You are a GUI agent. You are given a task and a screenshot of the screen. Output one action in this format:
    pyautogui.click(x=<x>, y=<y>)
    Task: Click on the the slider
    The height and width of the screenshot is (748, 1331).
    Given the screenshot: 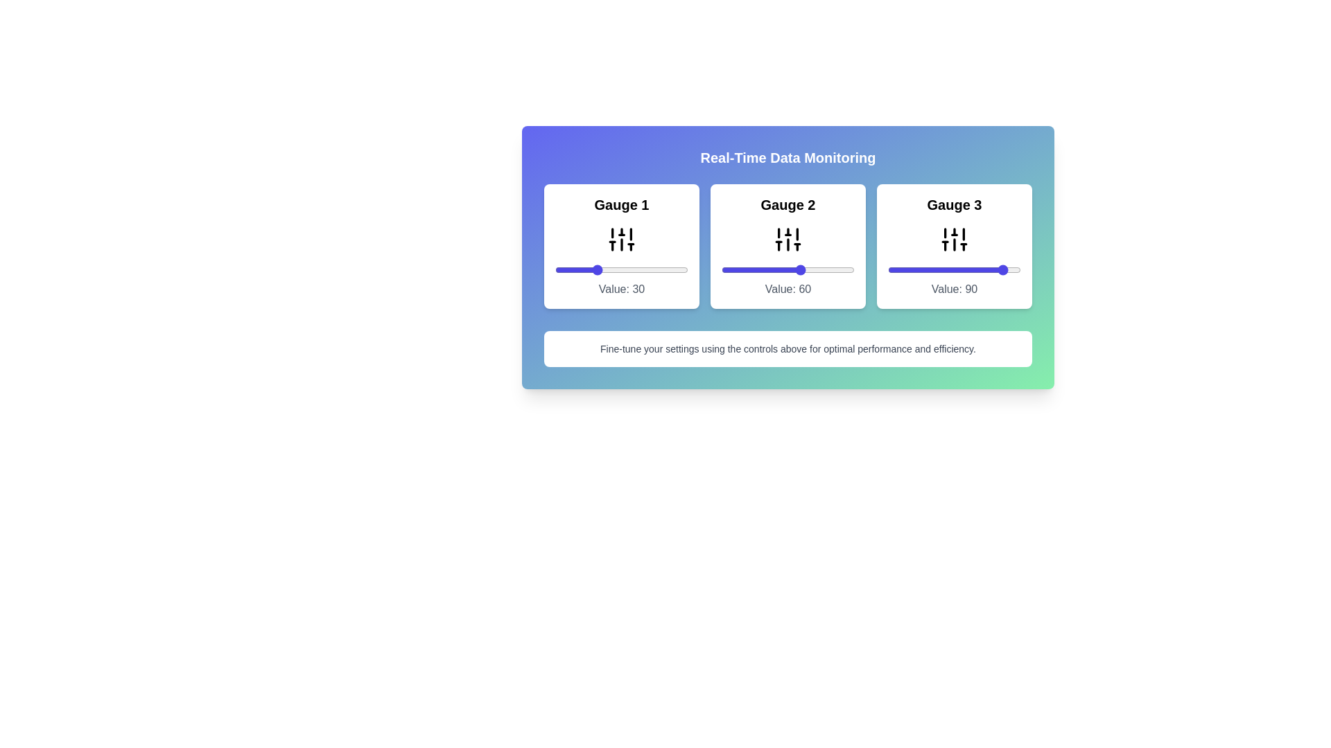 What is the action you would take?
    pyautogui.click(x=730, y=269)
    